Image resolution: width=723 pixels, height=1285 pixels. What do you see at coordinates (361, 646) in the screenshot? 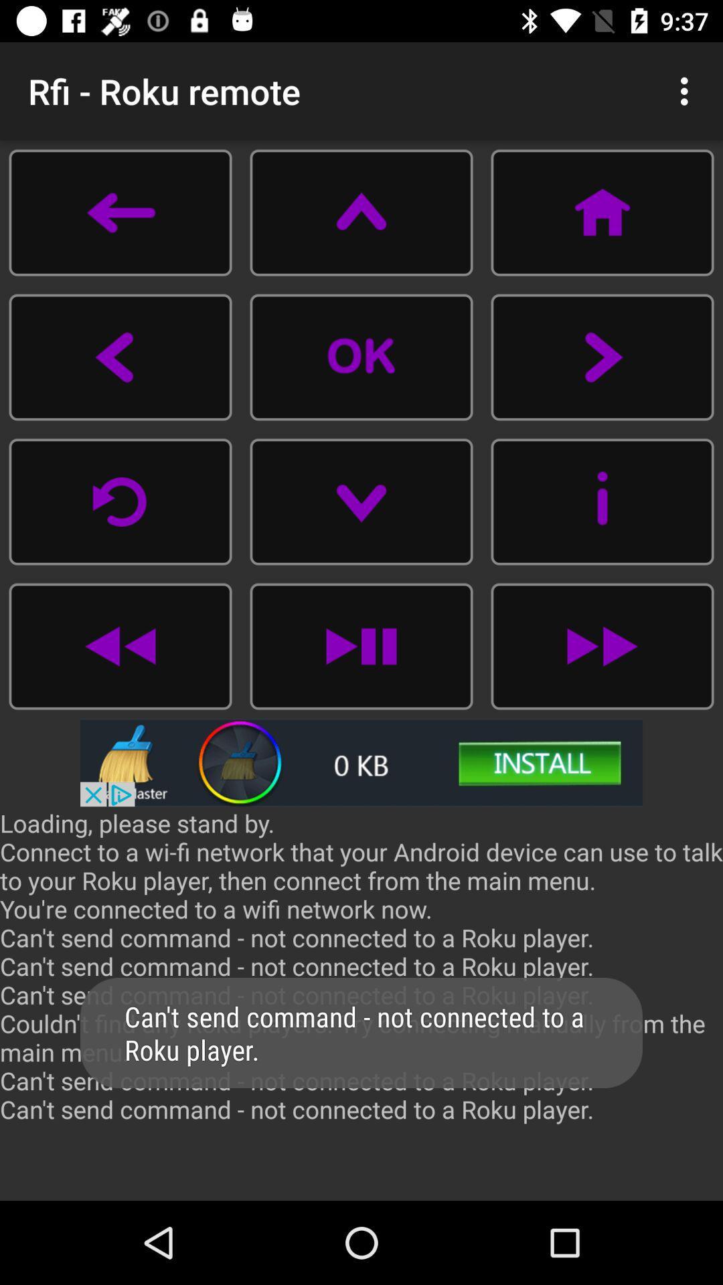
I see `the skip_next icon` at bounding box center [361, 646].